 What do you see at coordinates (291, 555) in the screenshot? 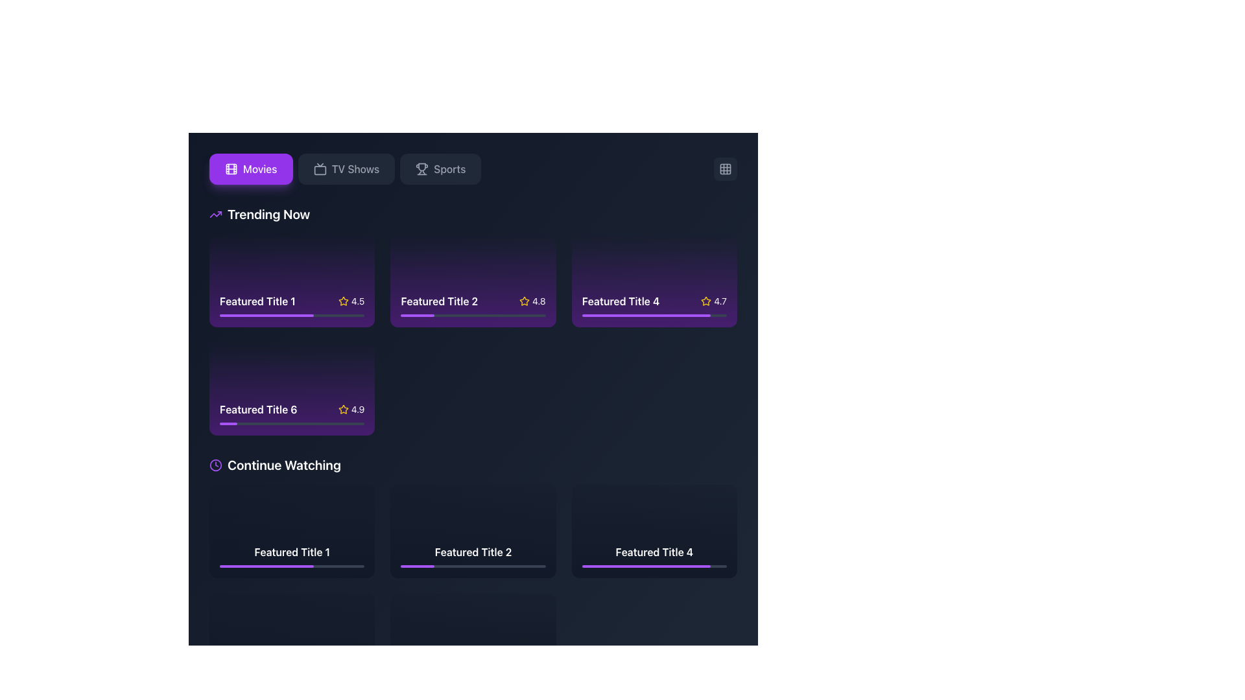
I see `the progress bar of the first media card in the 'Continue Watching' section to understand the completion level` at bounding box center [291, 555].